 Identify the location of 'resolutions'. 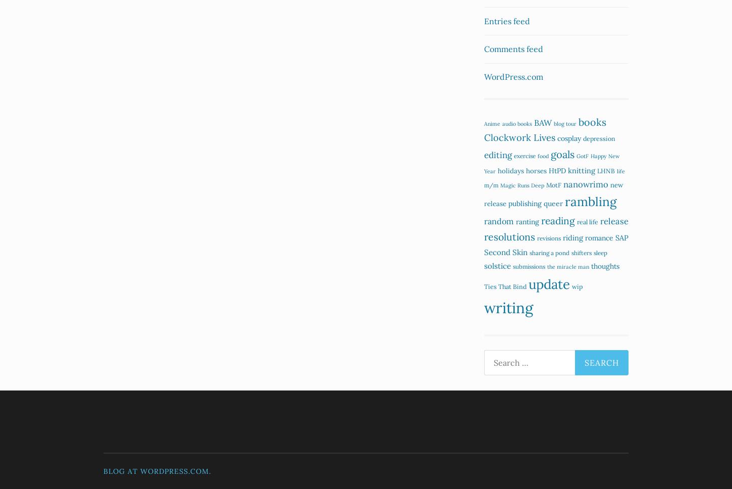
(509, 236).